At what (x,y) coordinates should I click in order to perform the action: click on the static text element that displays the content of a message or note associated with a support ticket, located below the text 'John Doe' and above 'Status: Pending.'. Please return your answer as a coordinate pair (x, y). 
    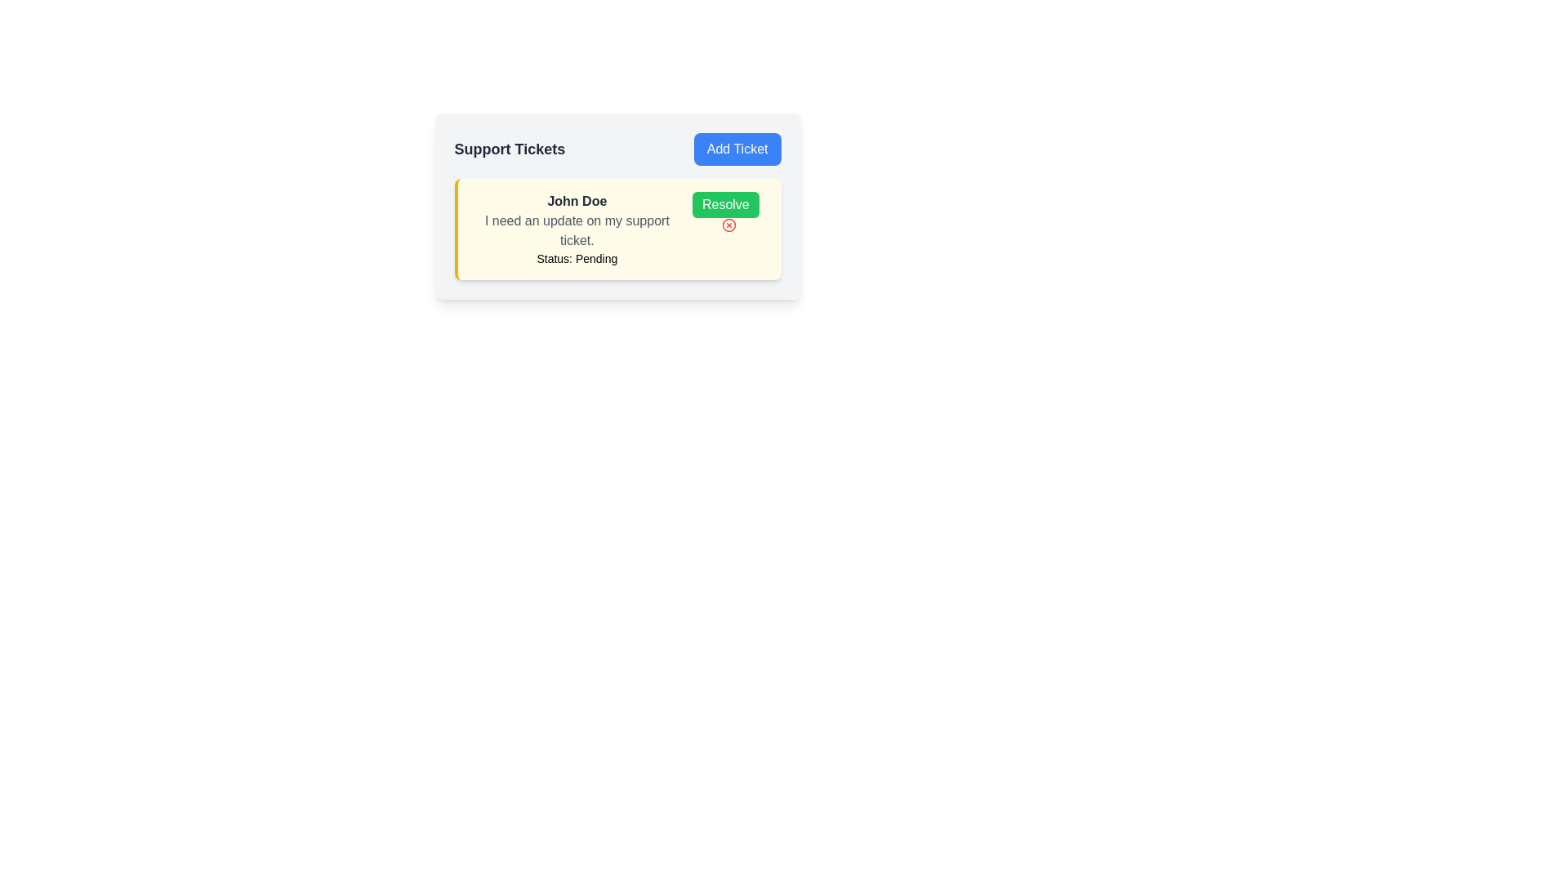
    Looking at the image, I should click on (577, 230).